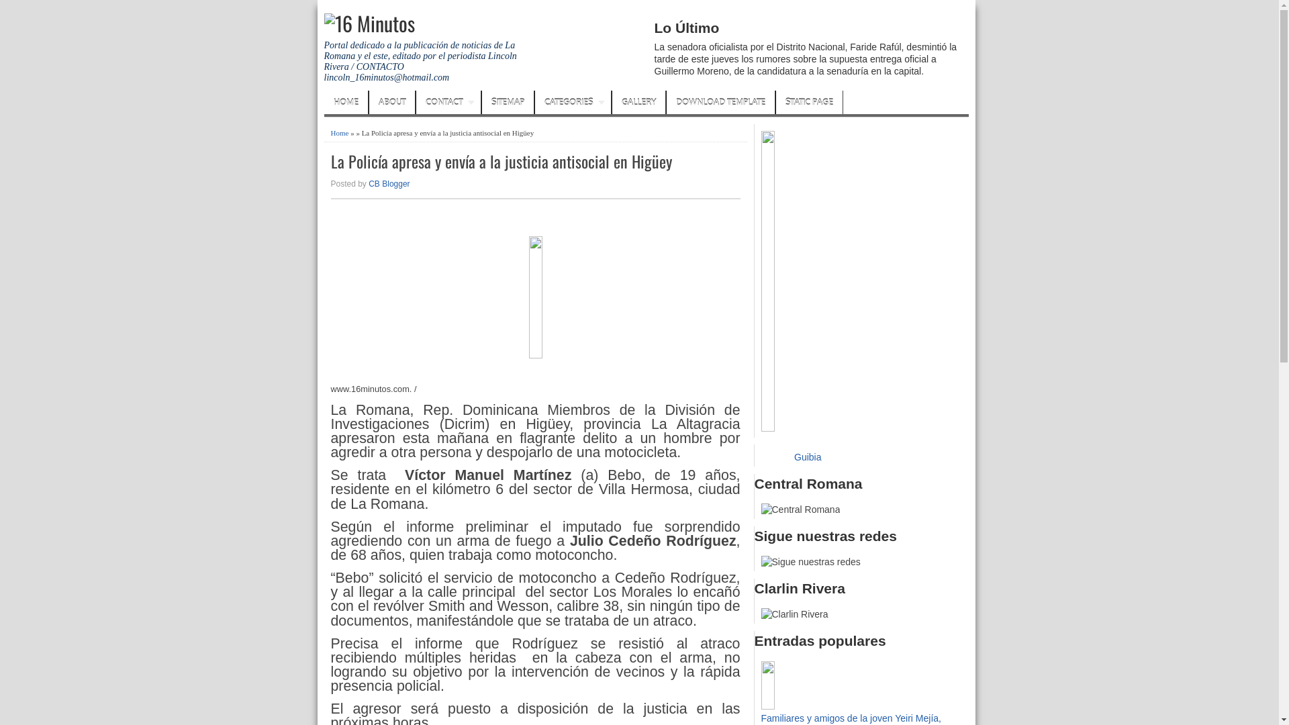 The width and height of the screenshot is (1289, 725). I want to click on 'CB Blogger', so click(388, 183).